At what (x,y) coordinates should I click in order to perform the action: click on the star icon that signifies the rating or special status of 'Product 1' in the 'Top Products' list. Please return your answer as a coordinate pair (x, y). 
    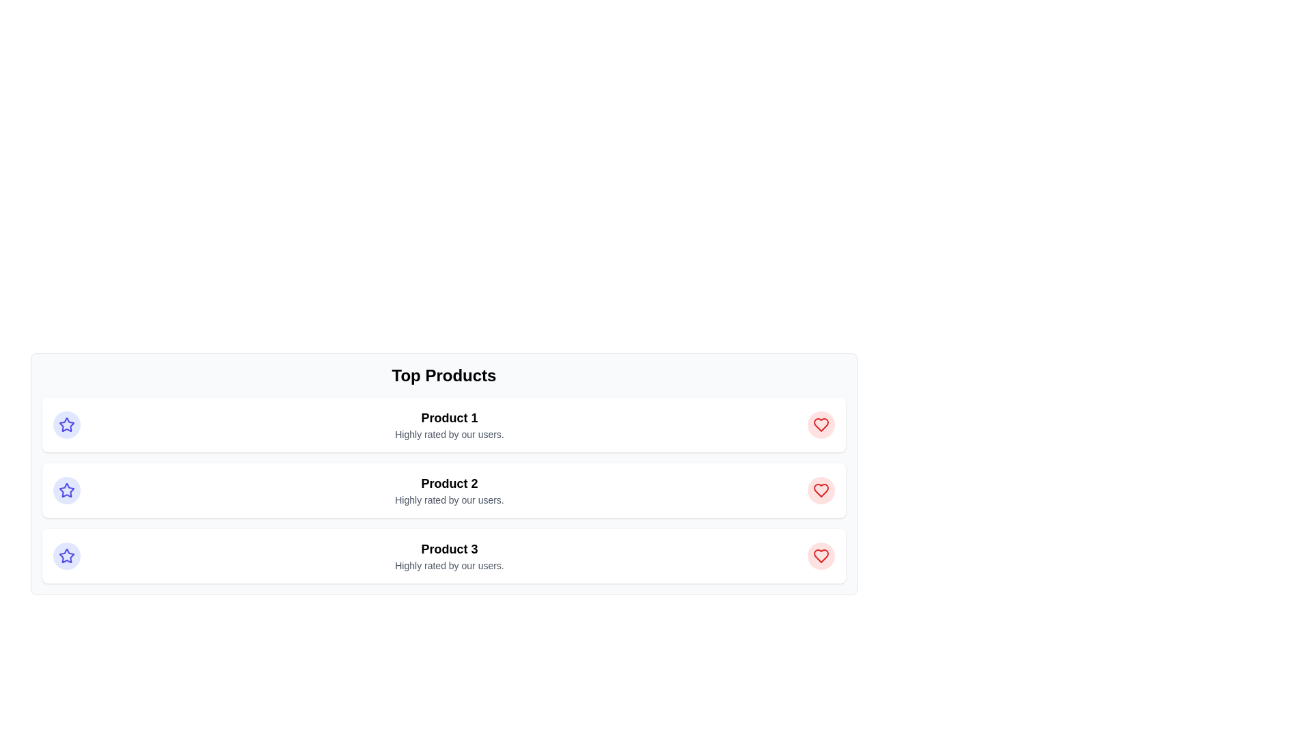
    Looking at the image, I should click on (66, 489).